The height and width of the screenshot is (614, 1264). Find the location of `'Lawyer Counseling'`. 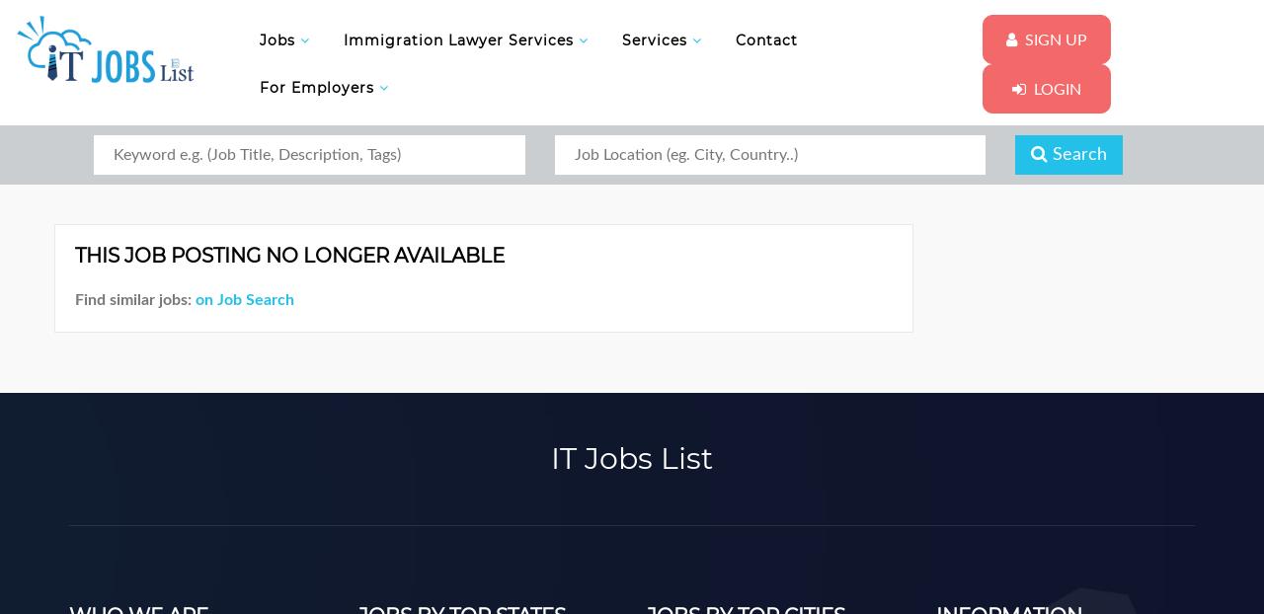

'Lawyer Counseling' is located at coordinates (427, 173).